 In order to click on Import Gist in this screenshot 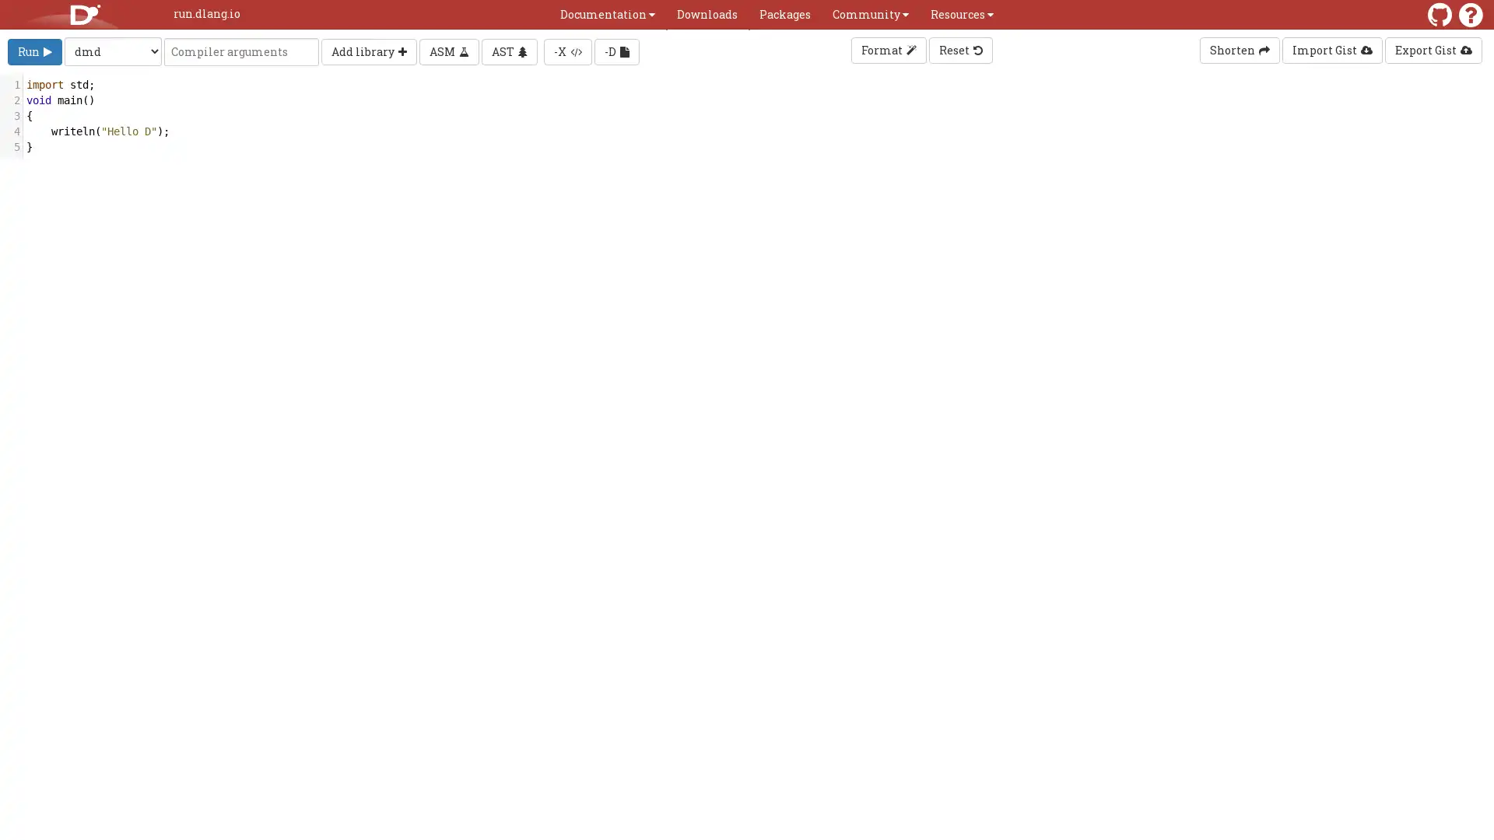, I will do `click(1331, 50)`.